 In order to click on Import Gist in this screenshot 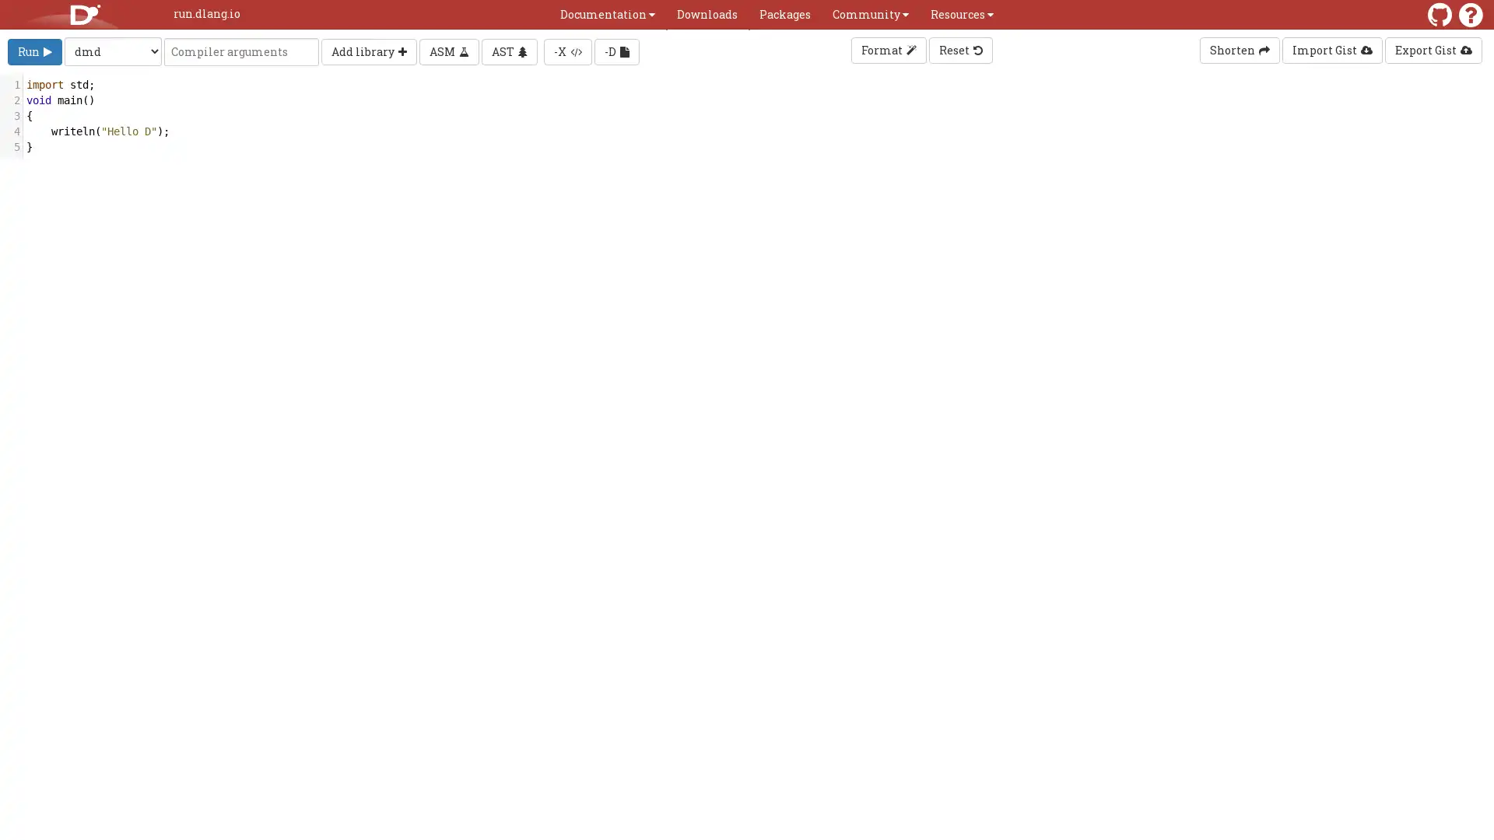, I will do `click(1331, 50)`.